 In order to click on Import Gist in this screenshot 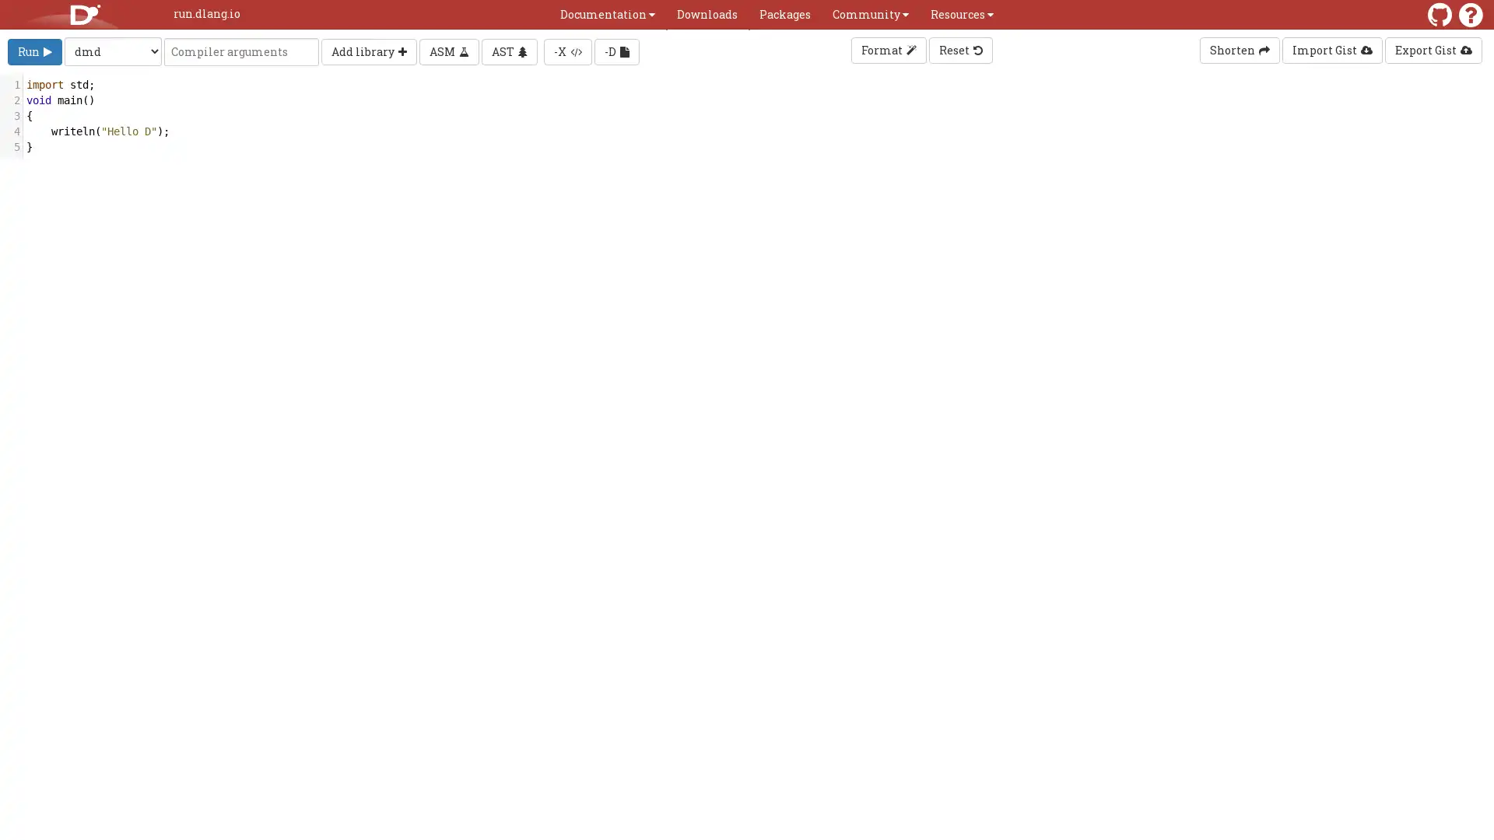, I will do `click(1331, 50)`.